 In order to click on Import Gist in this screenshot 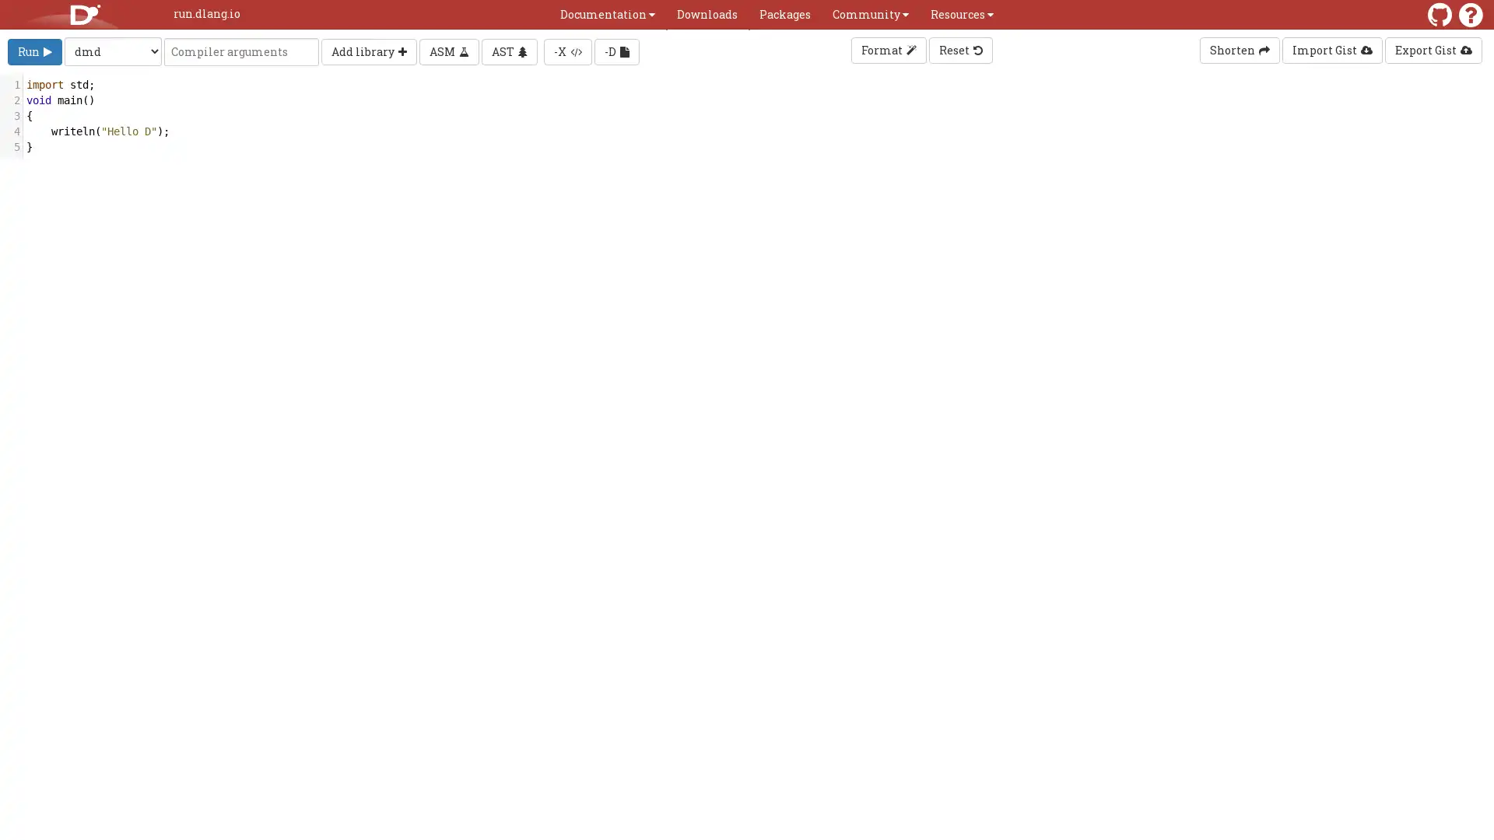, I will do `click(1331, 50)`.